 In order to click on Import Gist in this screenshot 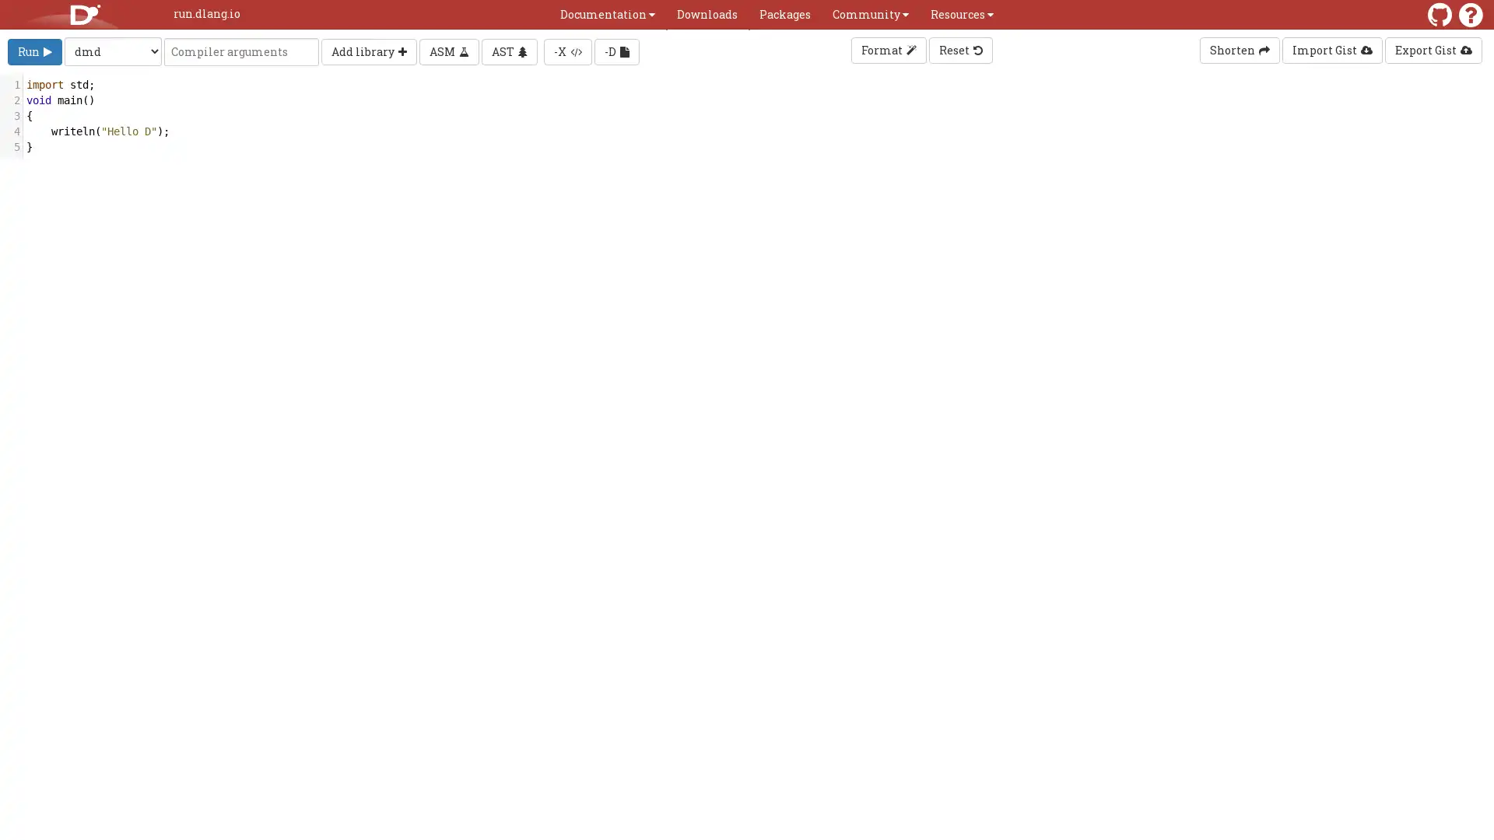, I will do `click(1331, 50)`.